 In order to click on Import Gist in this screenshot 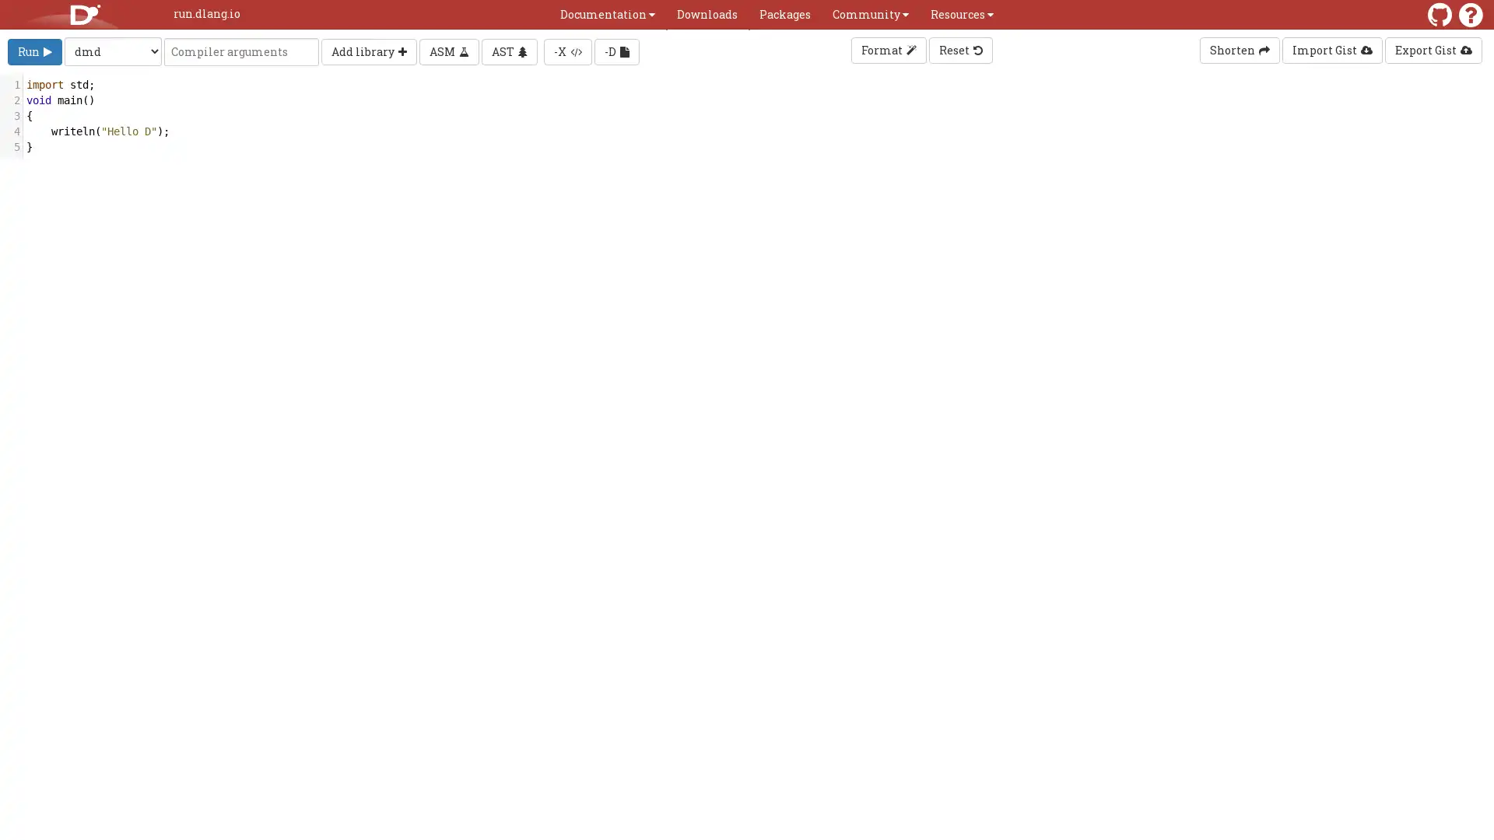, I will do `click(1331, 50)`.